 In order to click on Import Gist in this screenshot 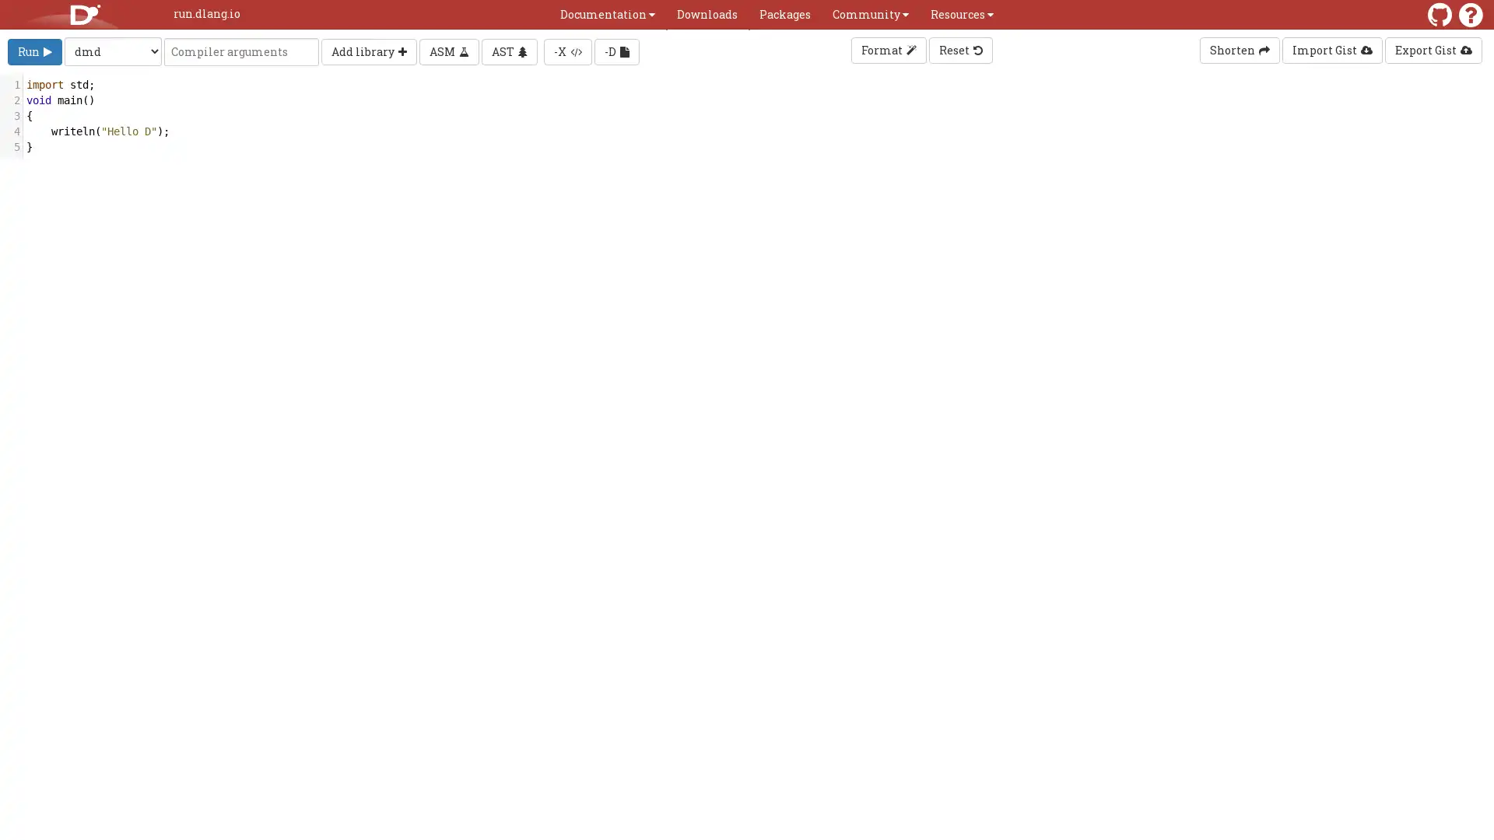, I will do `click(1331, 50)`.